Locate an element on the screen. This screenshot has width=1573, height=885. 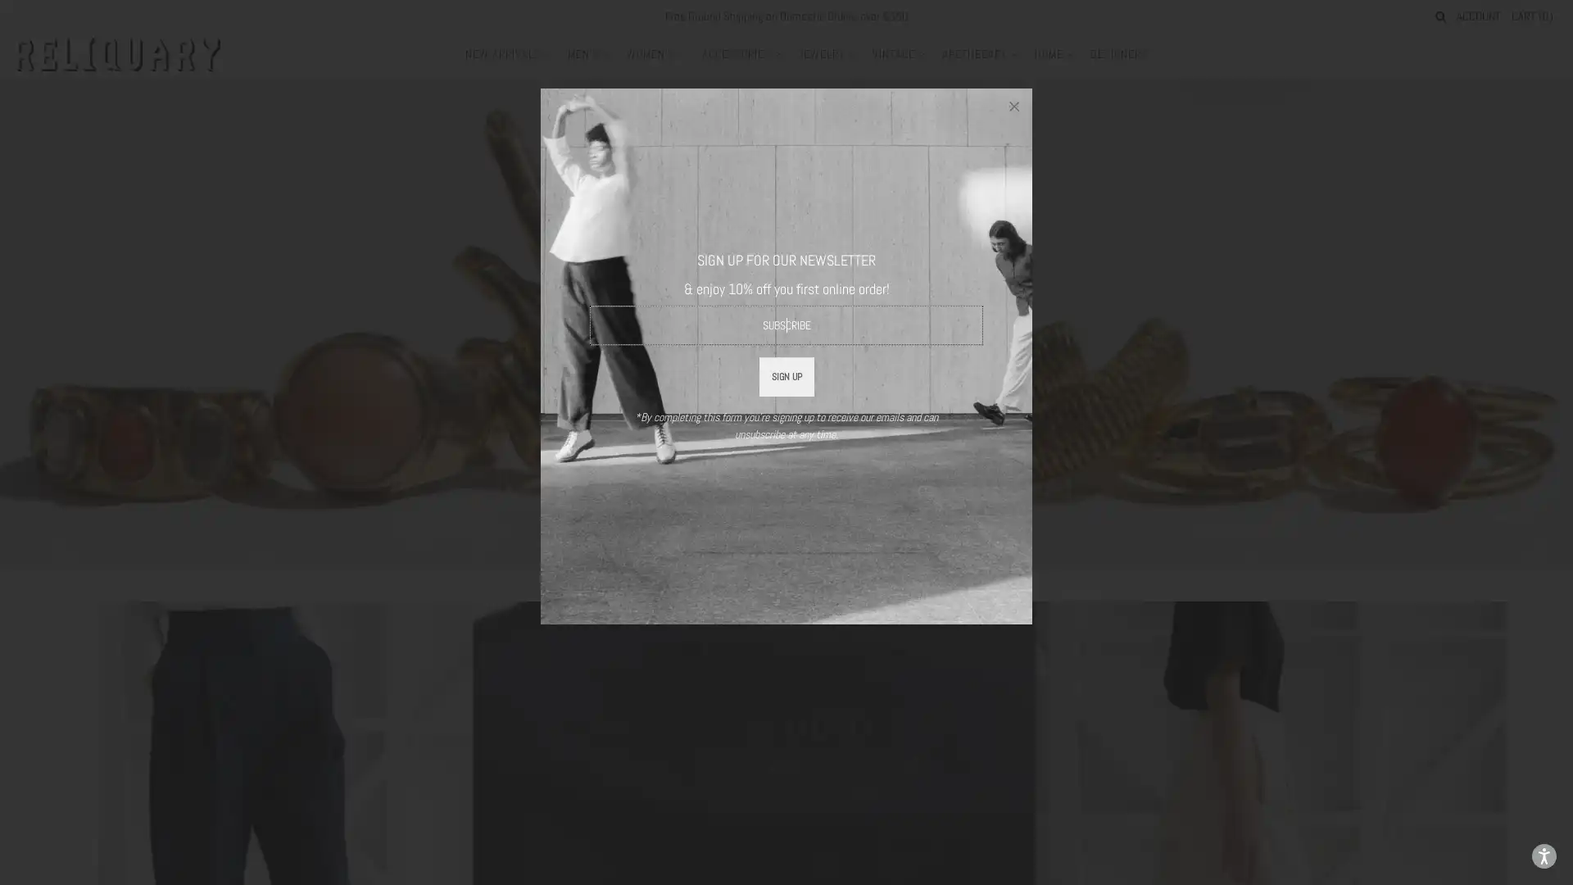
Open accessibility options, statement and help is located at coordinates (1544, 855).